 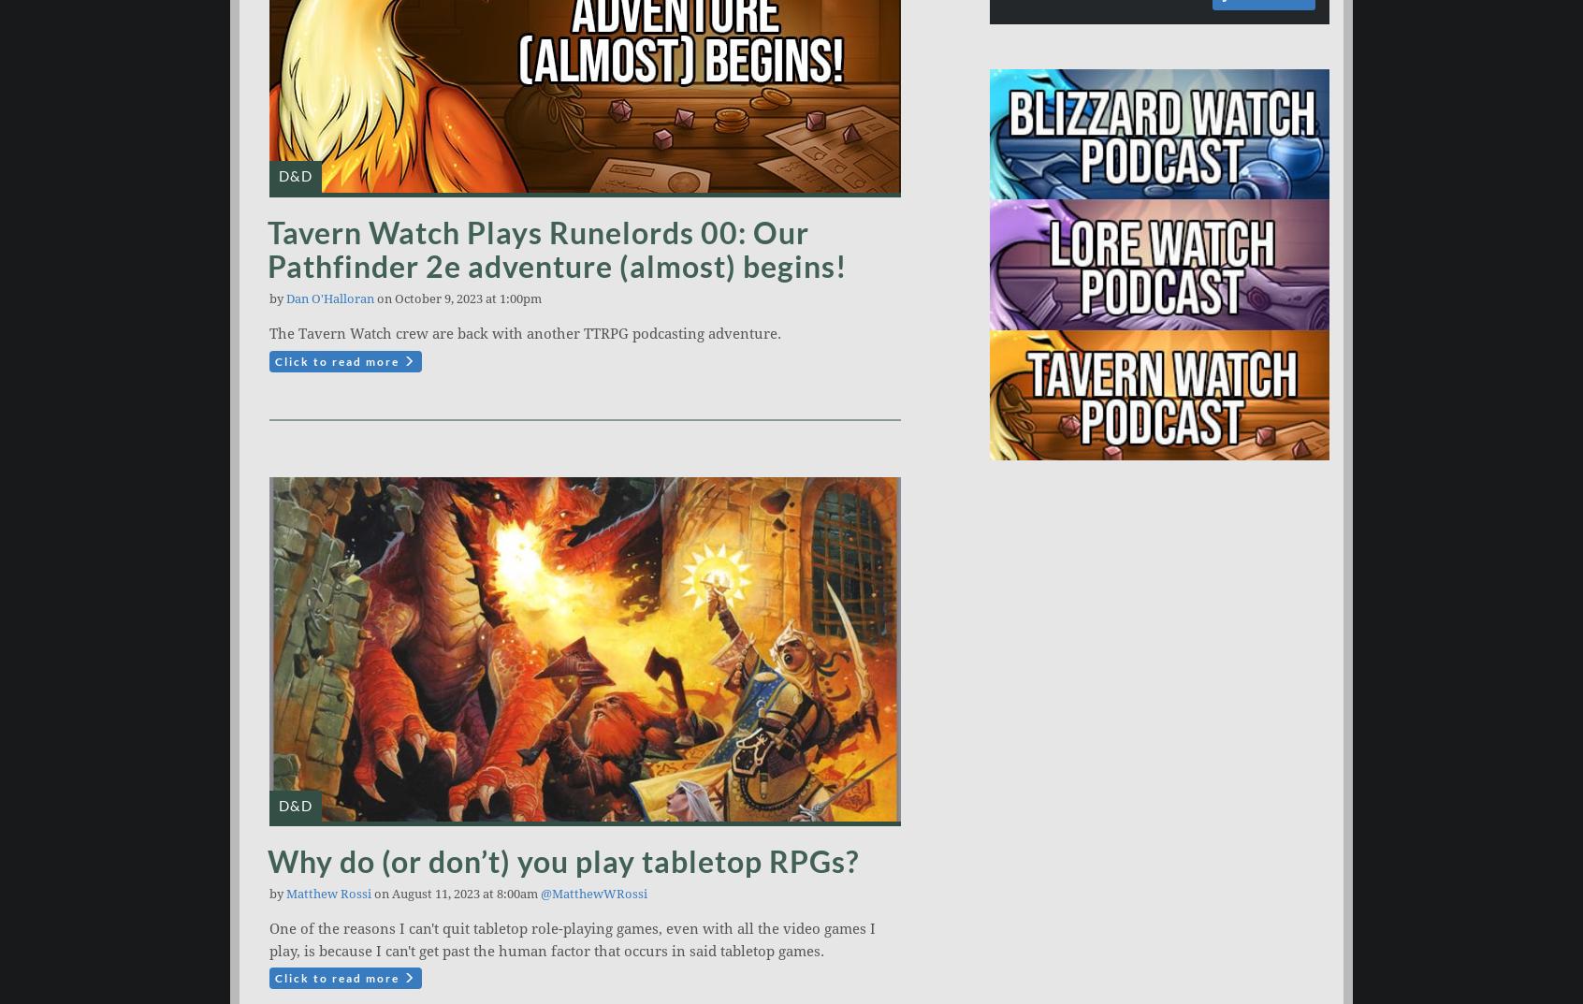 What do you see at coordinates (556, 247) in the screenshot?
I see `'Tavern Watch Plays Runelords 00: Our Pathfinder 2e adventure (almost) begins!'` at bounding box center [556, 247].